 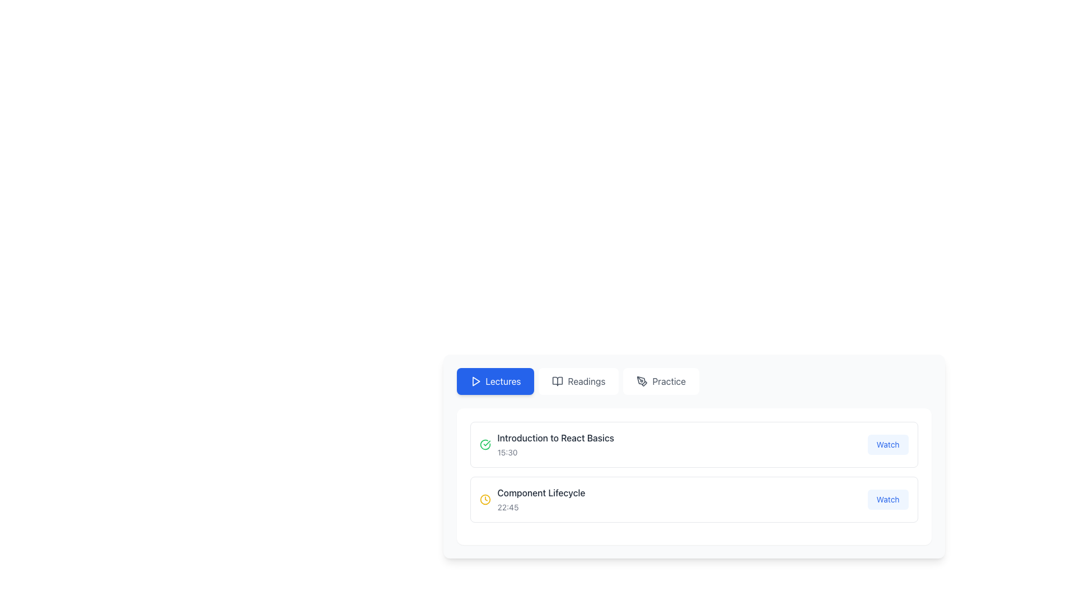 I want to click on the triangular play icon within the blue circular button located to the left of the 'Lectures' button, so click(x=475, y=381).